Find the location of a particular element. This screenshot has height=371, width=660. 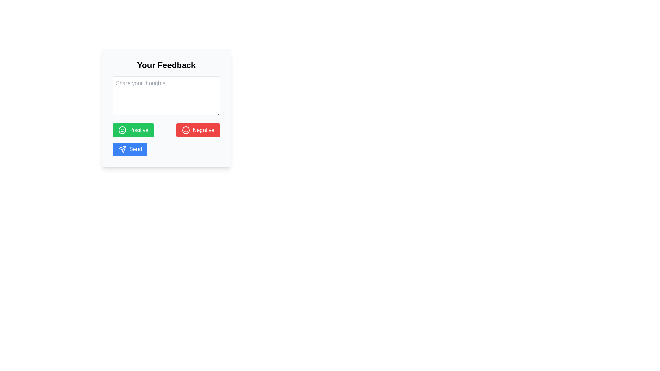

the circular icon featuring a frowning face with a red background, which is inside the button labeled 'Negative' is located at coordinates (186, 130).